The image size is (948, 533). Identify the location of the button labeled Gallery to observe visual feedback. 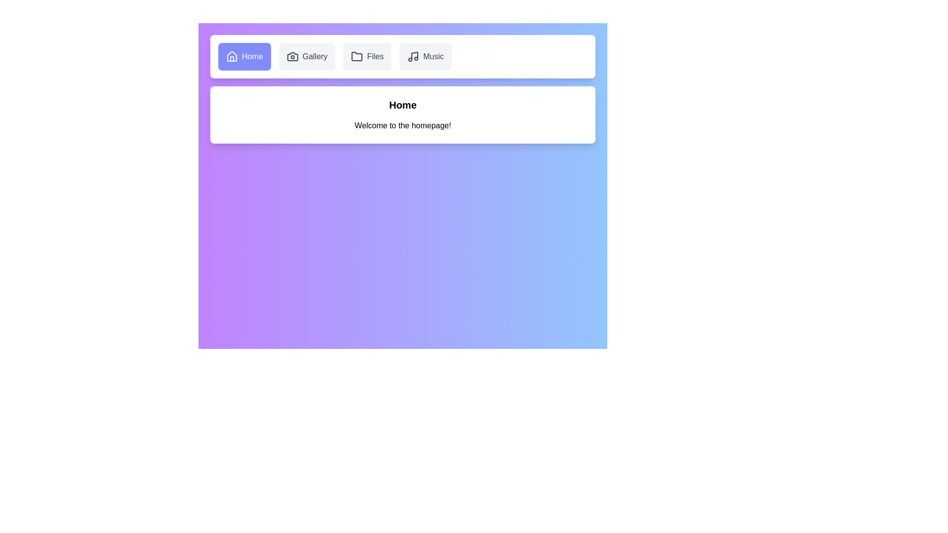
(307, 57).